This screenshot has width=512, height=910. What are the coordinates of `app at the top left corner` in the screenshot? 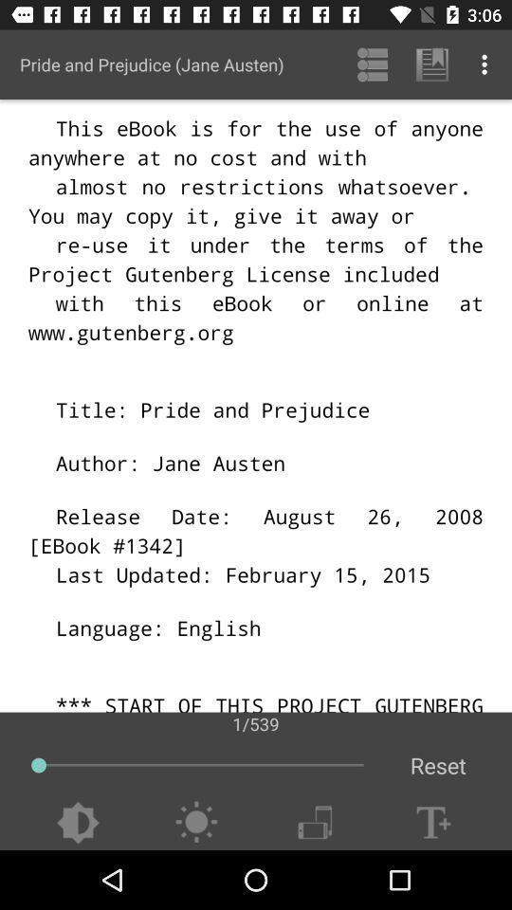 It's located at (151, 64).